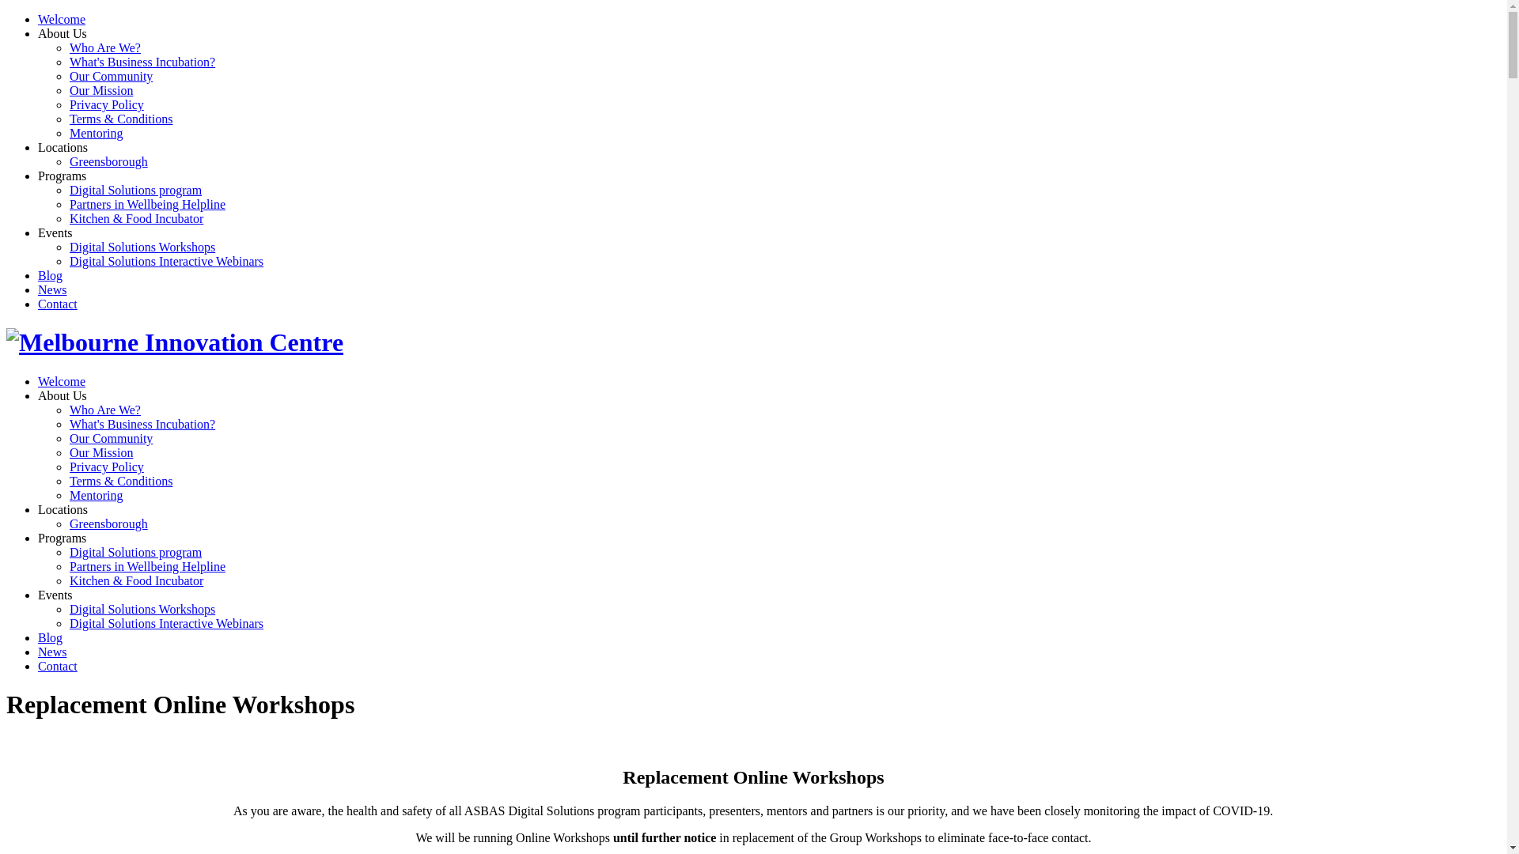  I want to click on 'Digital Solutions Workshops', so click(142, 247).